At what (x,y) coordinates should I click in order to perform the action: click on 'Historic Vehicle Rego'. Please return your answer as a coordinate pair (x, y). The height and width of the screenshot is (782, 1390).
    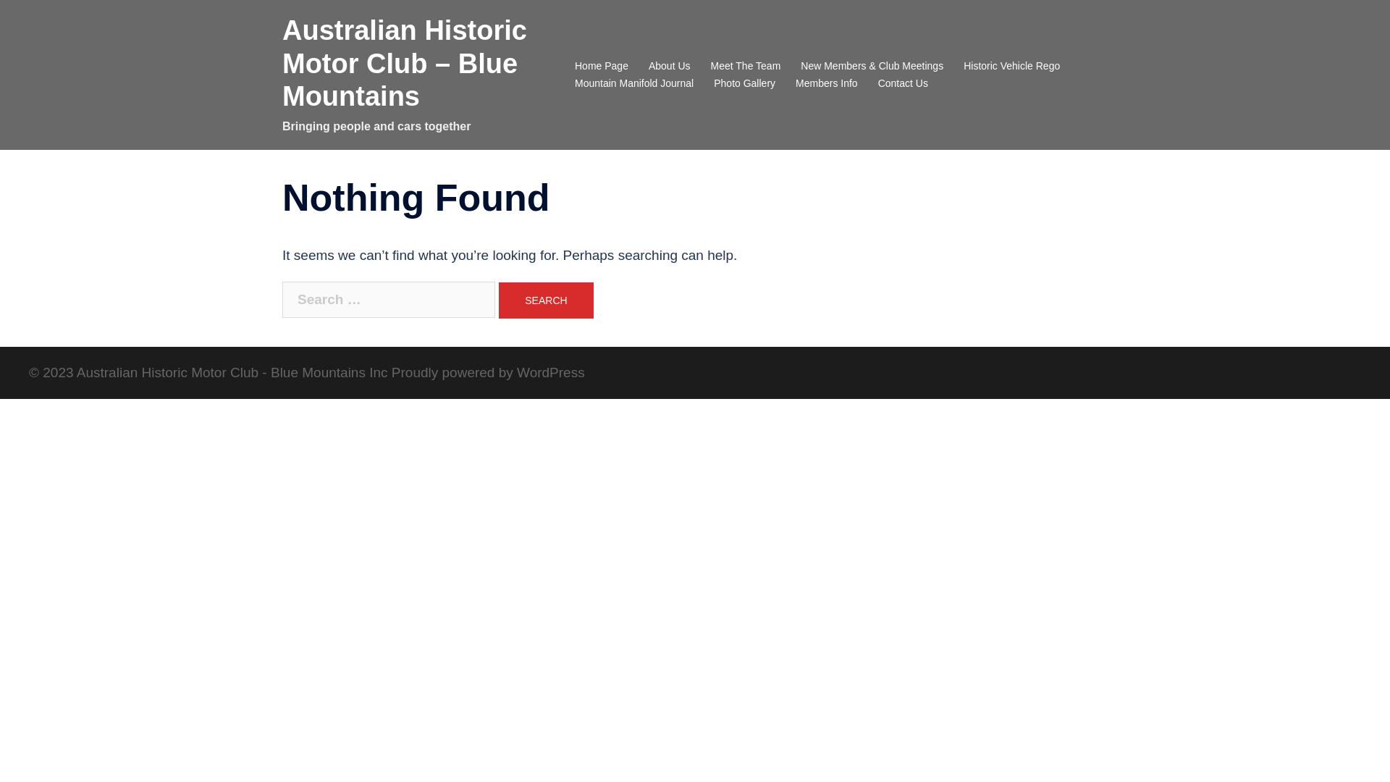
    Looking at the image, I should click on (963, 67).